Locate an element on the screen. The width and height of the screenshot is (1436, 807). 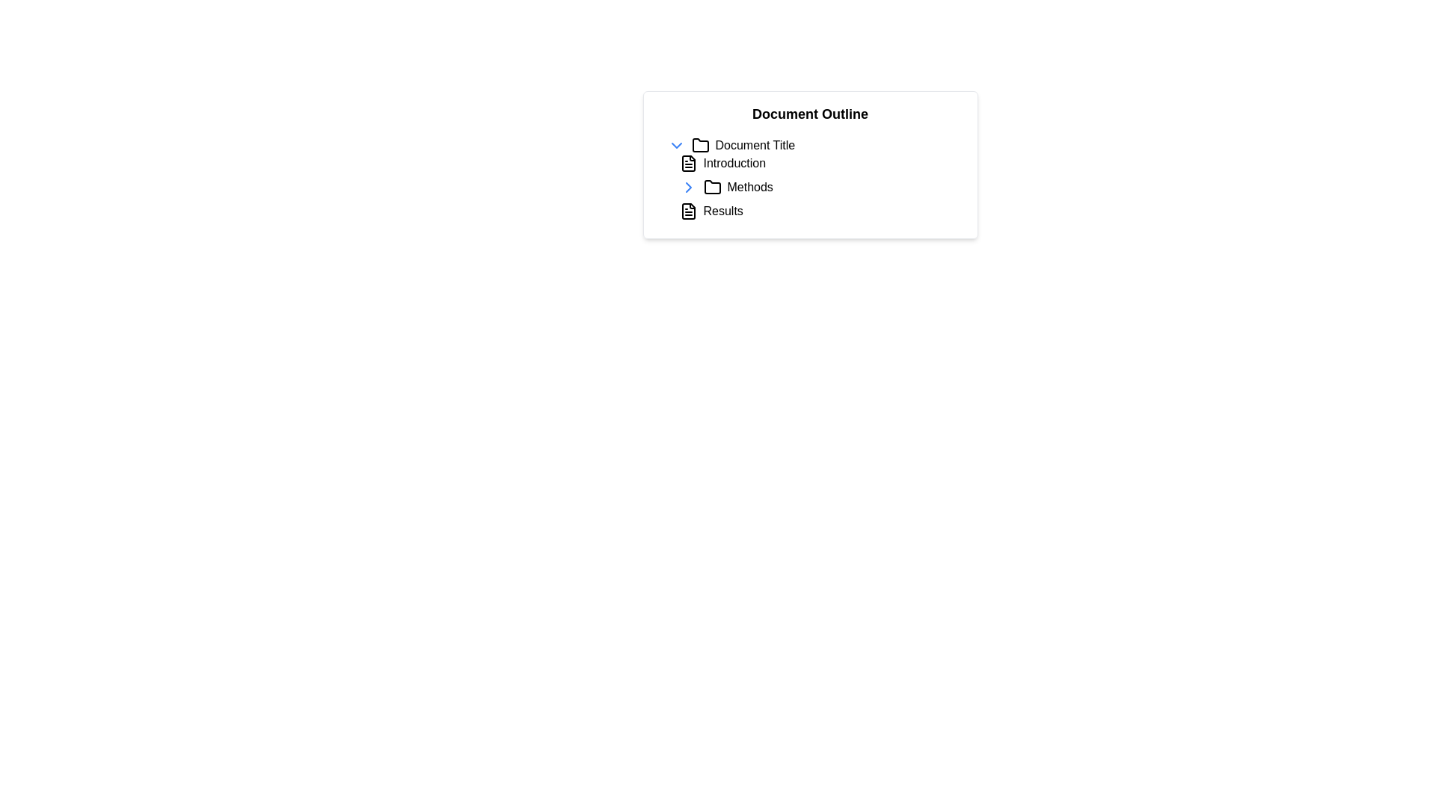
the first list item is located at coordinates (815, 146).